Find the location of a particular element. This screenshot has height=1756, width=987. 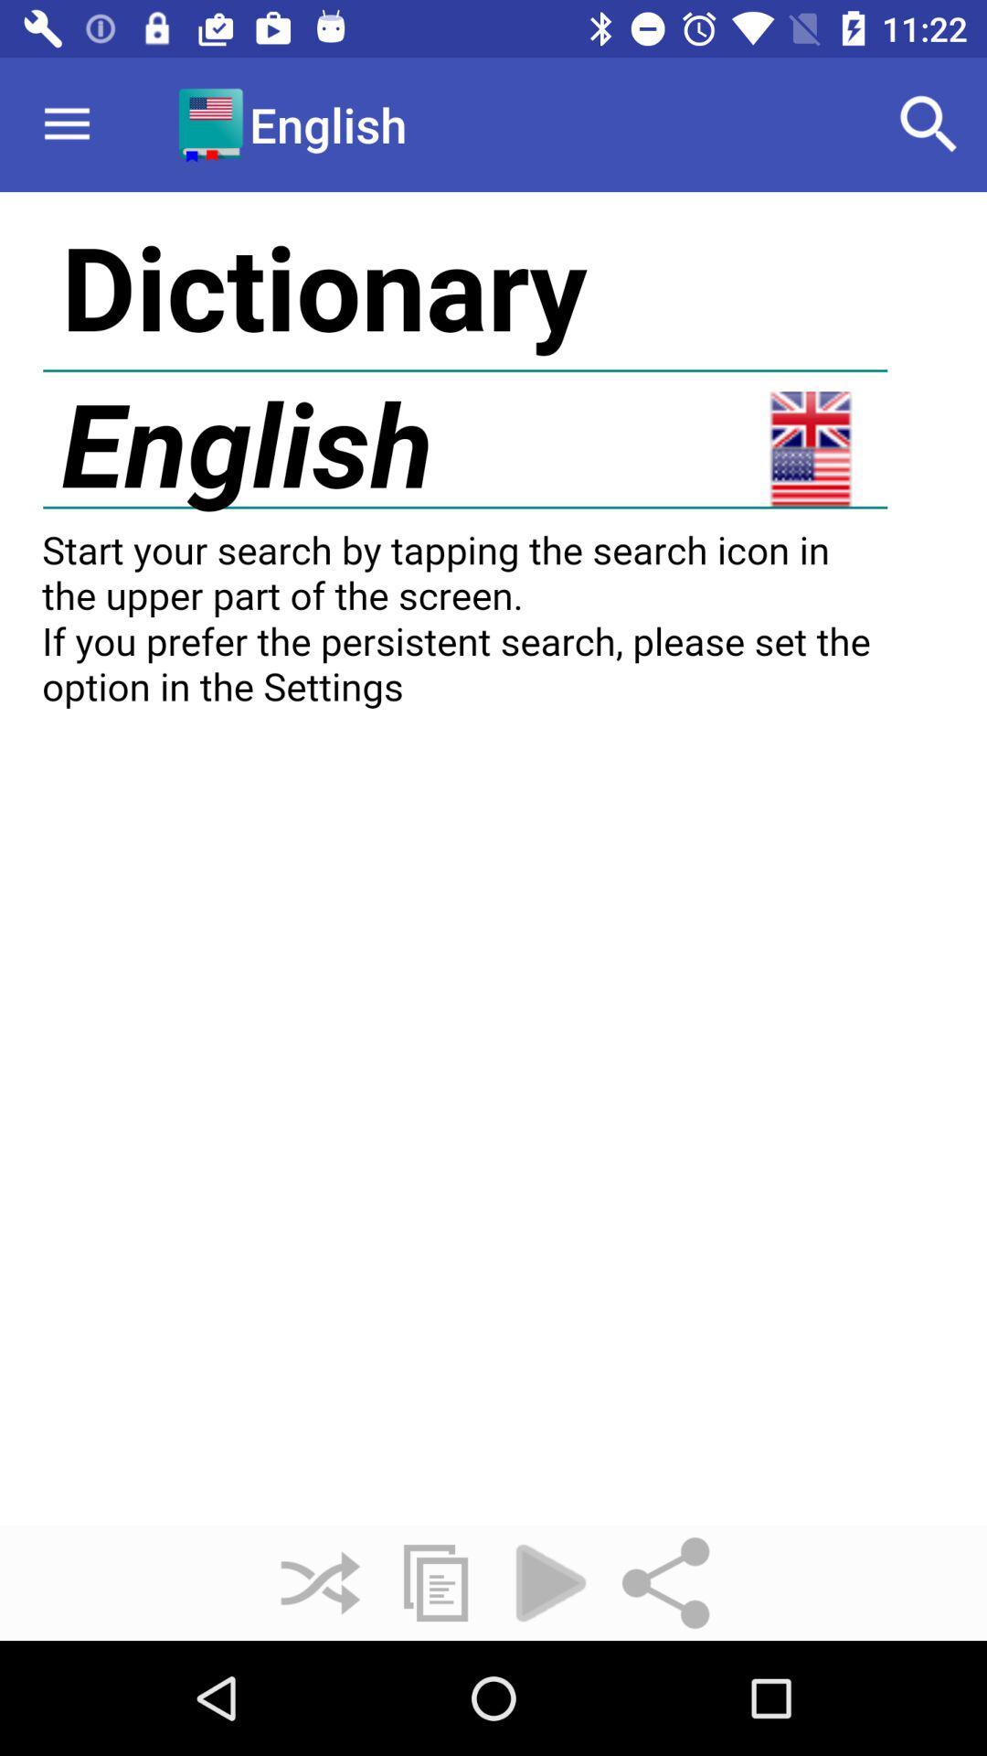

the play icon is located at coordinates (549, 1582).